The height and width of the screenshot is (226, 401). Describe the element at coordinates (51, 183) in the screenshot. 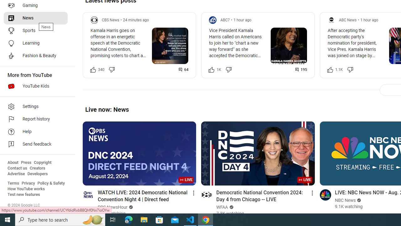

I see `'Policy & Safety'` at that location.